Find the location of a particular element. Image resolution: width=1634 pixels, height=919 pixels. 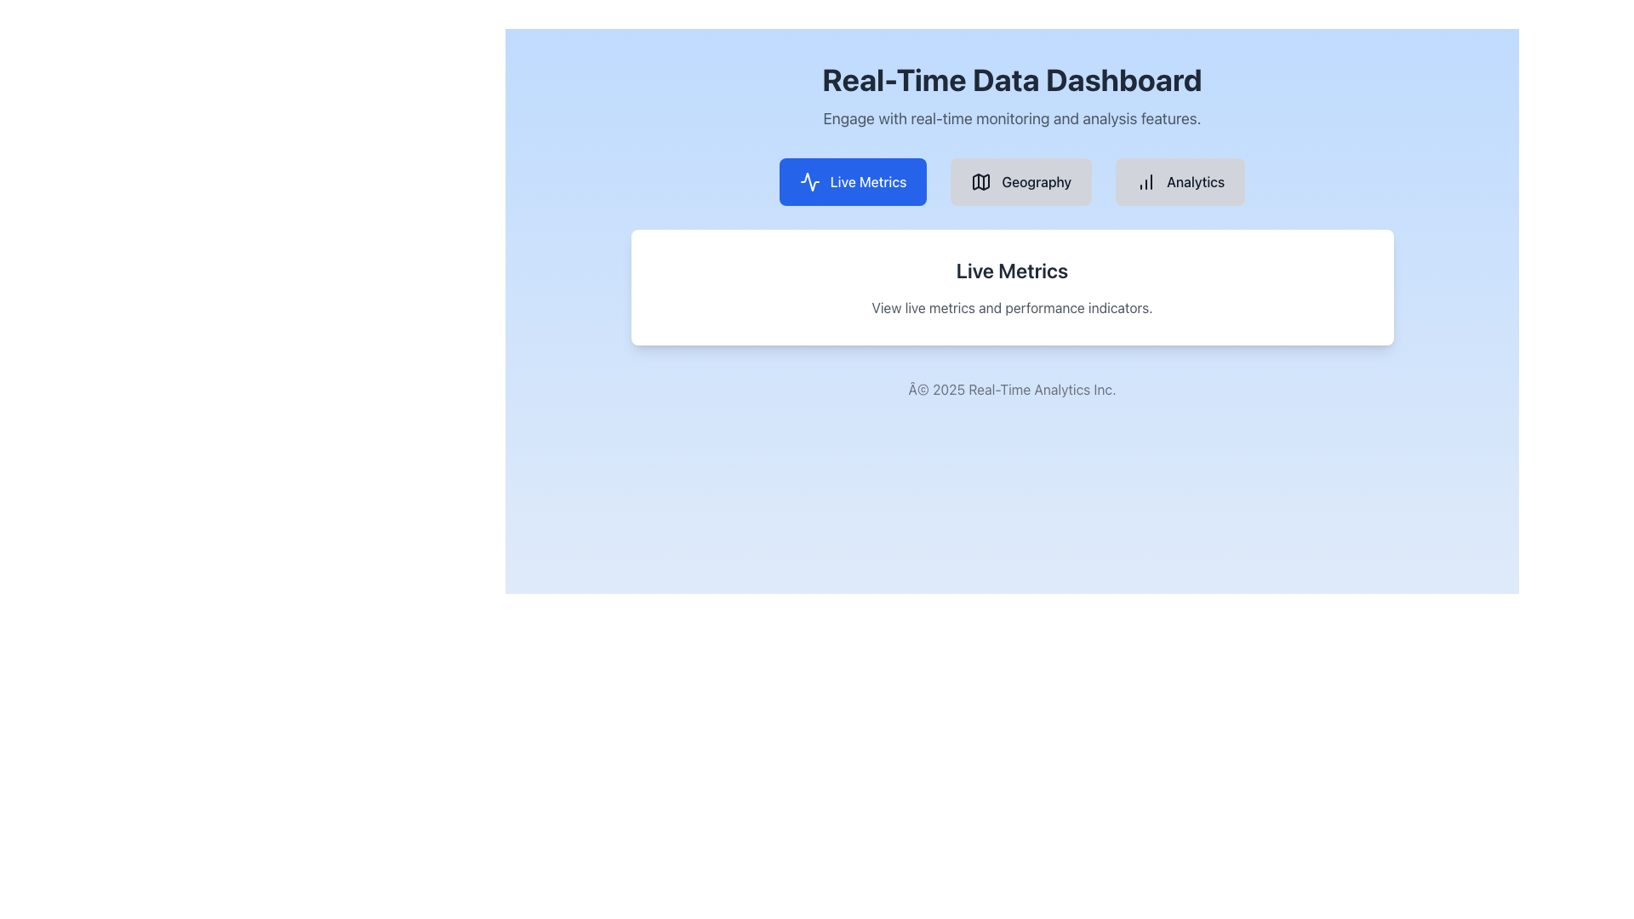

the icon depicting three vertical bars representing a bar chart, located to the left of the 'Analytics' button in the Real-Time Data Dashboard is located at coordinates (1146, 181).